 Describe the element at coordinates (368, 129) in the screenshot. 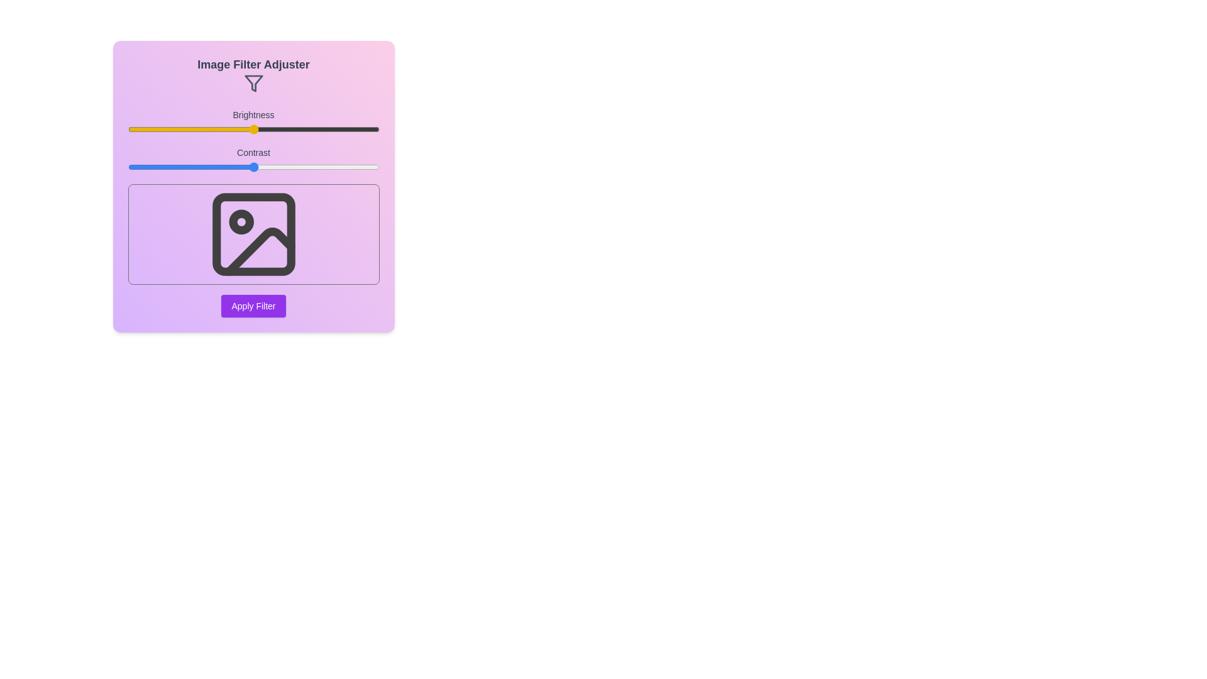

I see `the brightness slider to 96%` at that location.